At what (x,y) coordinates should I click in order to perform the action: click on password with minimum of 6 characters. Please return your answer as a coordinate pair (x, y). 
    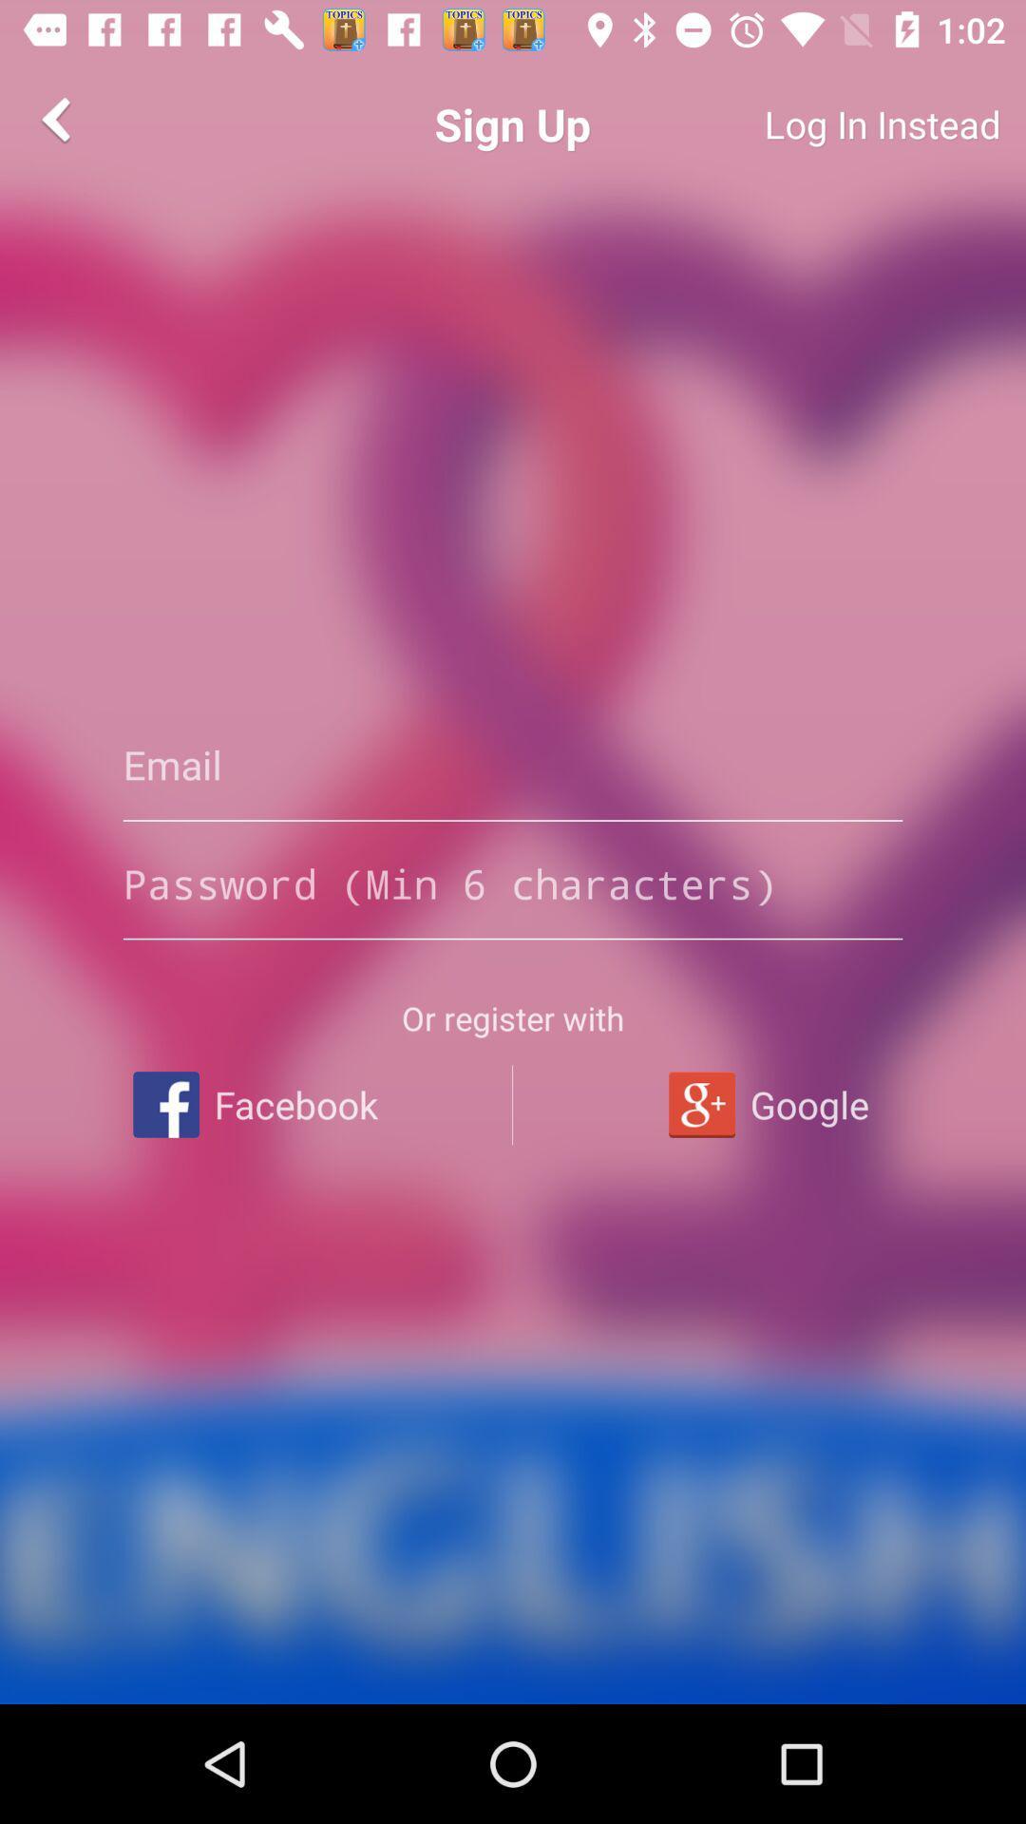
    Looking at the image, I should click on (513, 883).